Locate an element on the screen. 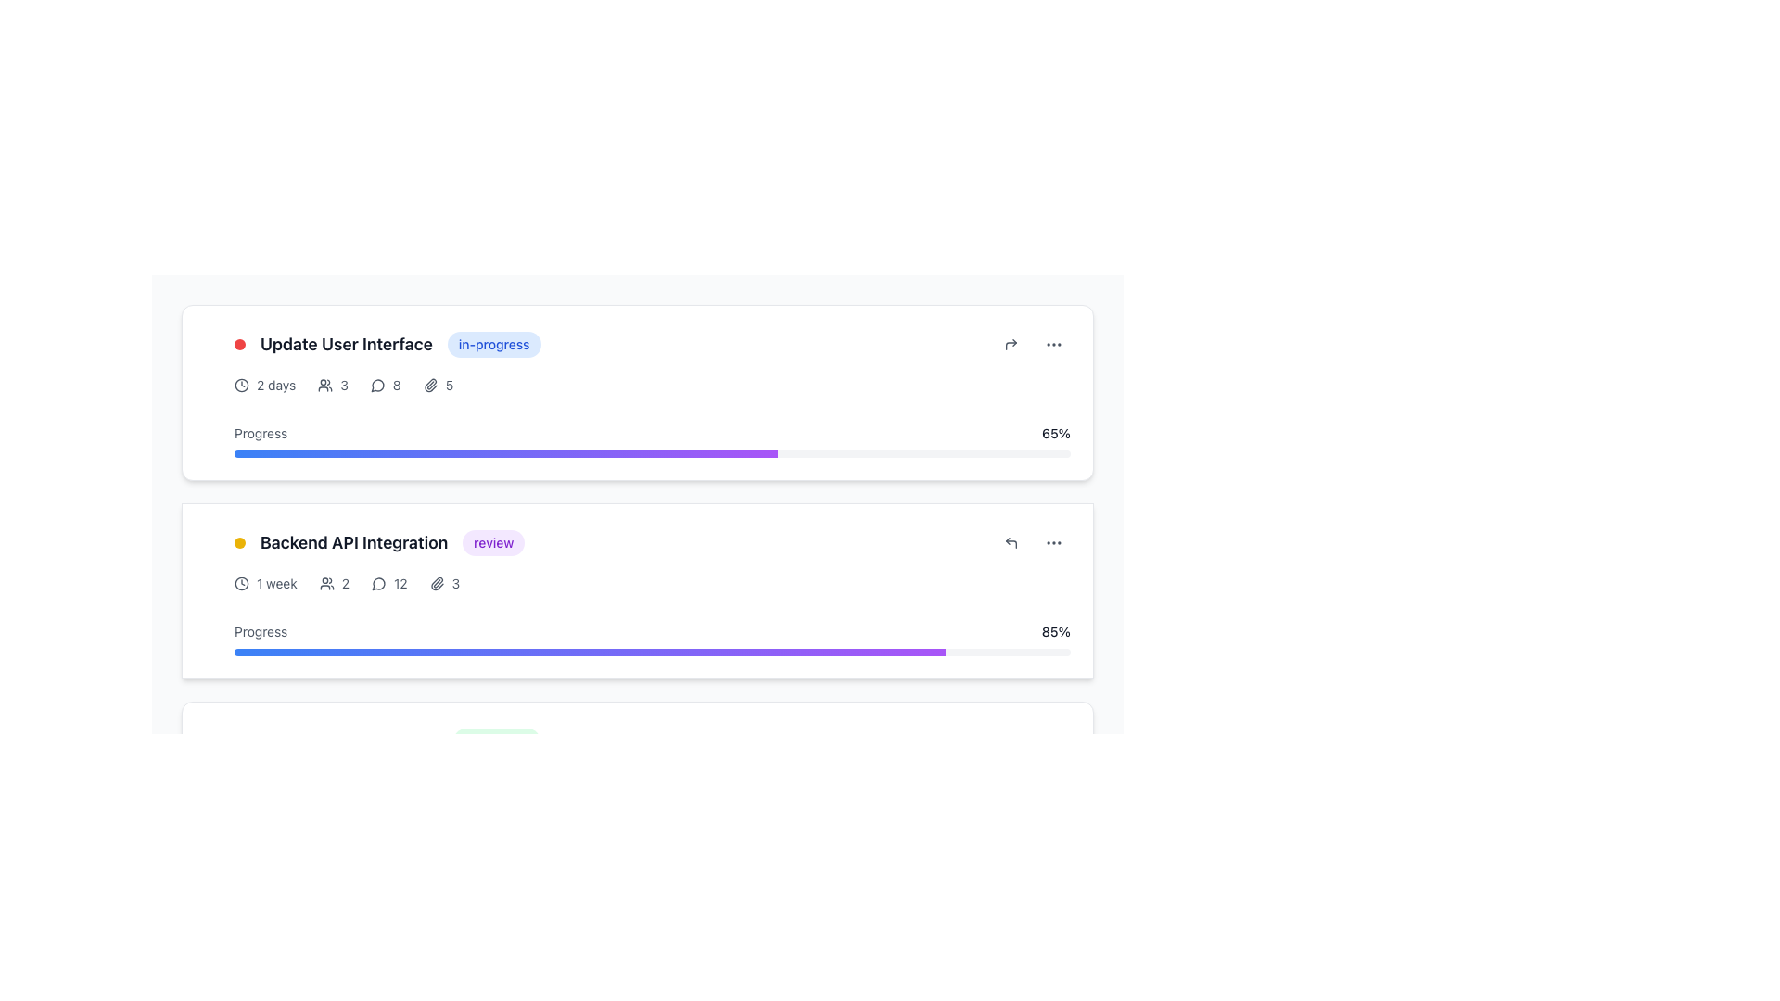  the 'review' status label located at the right end of the 'Backend API Integration' header within the task card is located at coordinates (493, 542).